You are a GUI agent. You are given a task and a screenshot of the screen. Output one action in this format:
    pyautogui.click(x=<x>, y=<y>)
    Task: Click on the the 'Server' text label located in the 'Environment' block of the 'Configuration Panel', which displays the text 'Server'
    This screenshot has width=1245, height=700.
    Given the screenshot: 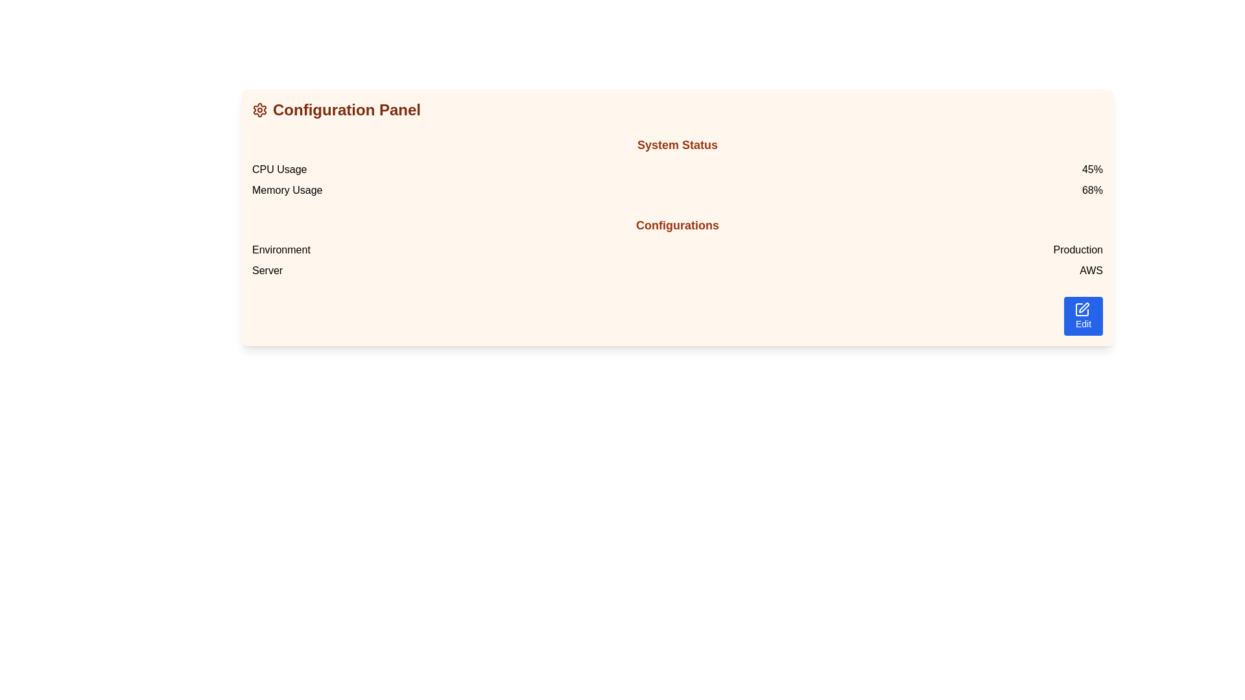 What is the action you would take?
    pyautogui.click(x=267, y=270)
    